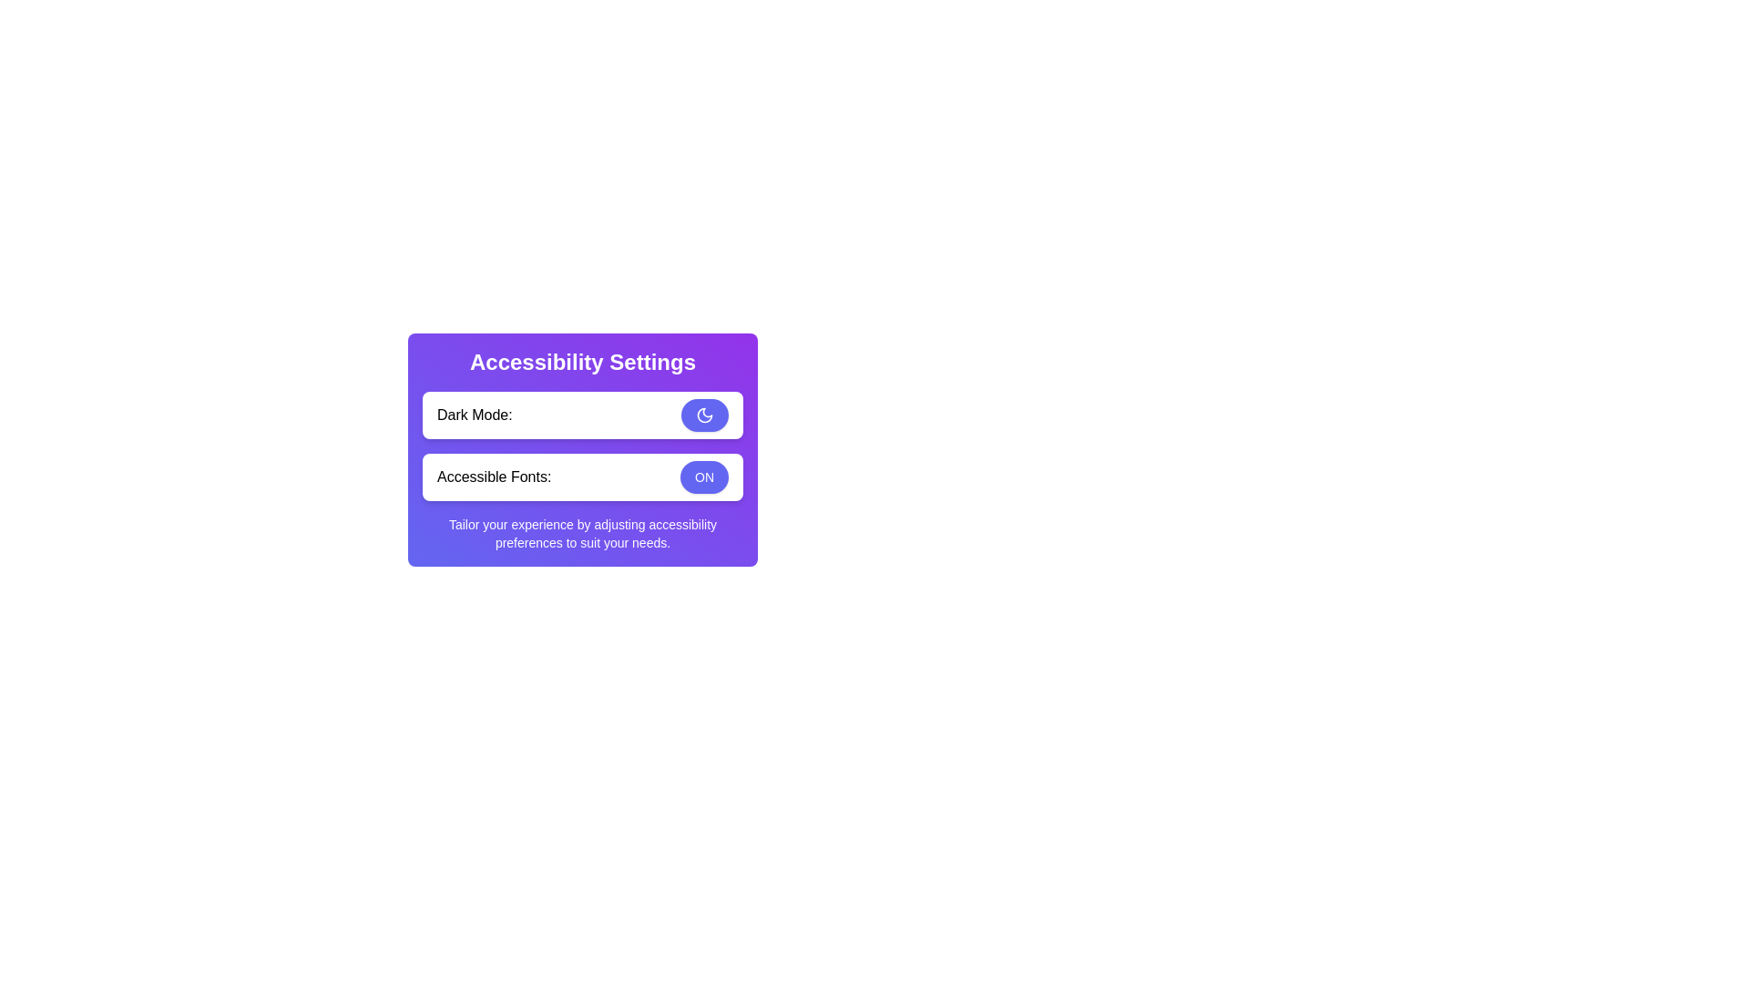 The width and height of the screenshot is (1749, 984). I want to click on the 'Dark Mode' toggle button using keyboard navigation, so click(703, 415).